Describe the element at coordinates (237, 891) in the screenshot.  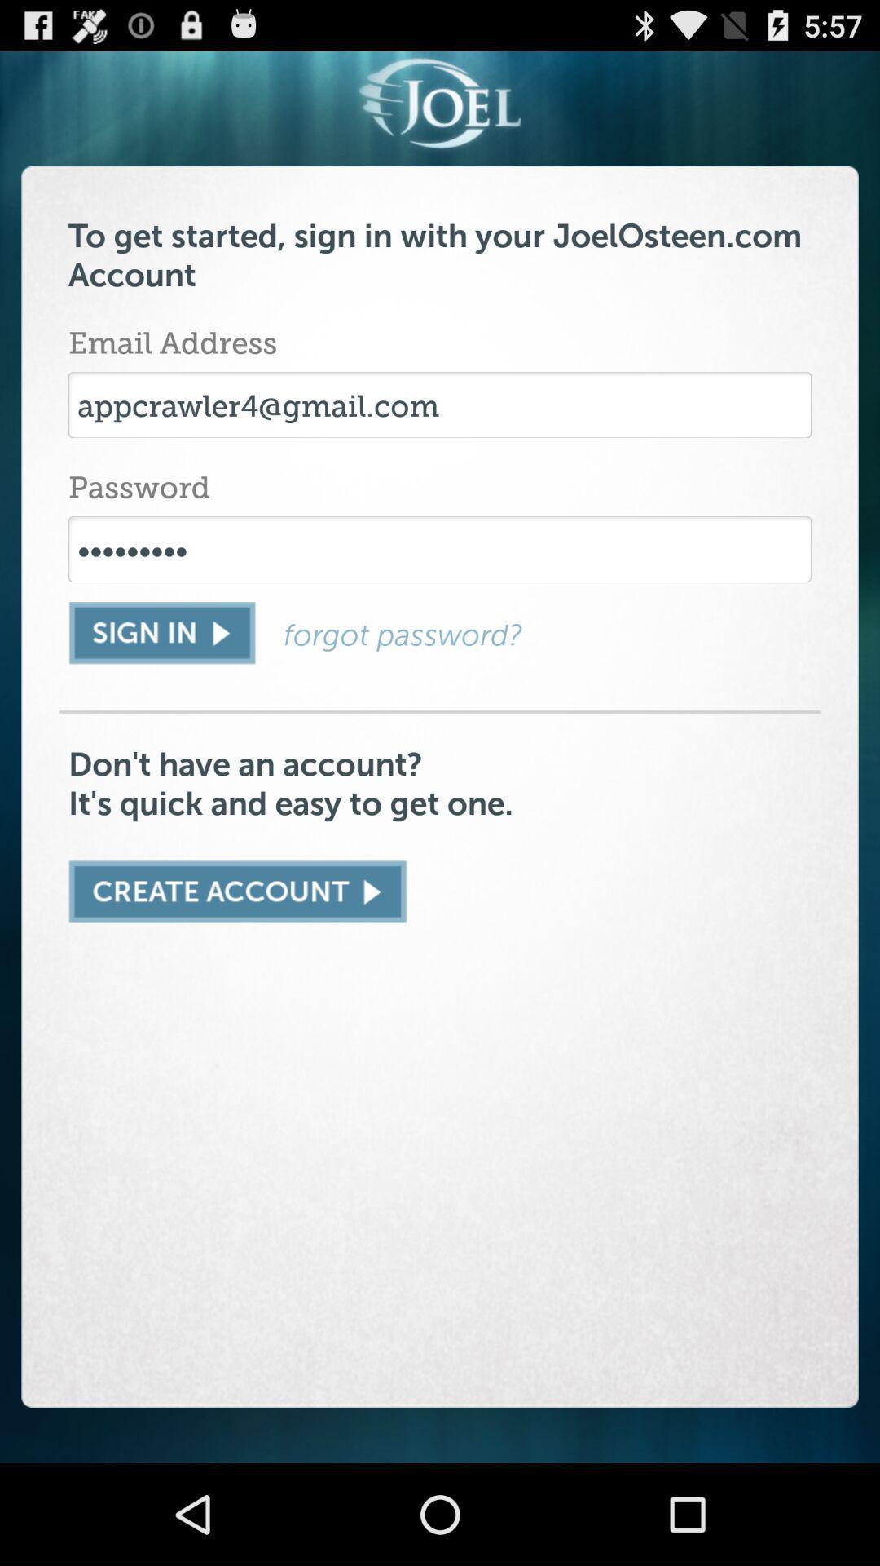
I see `new account` at that location.